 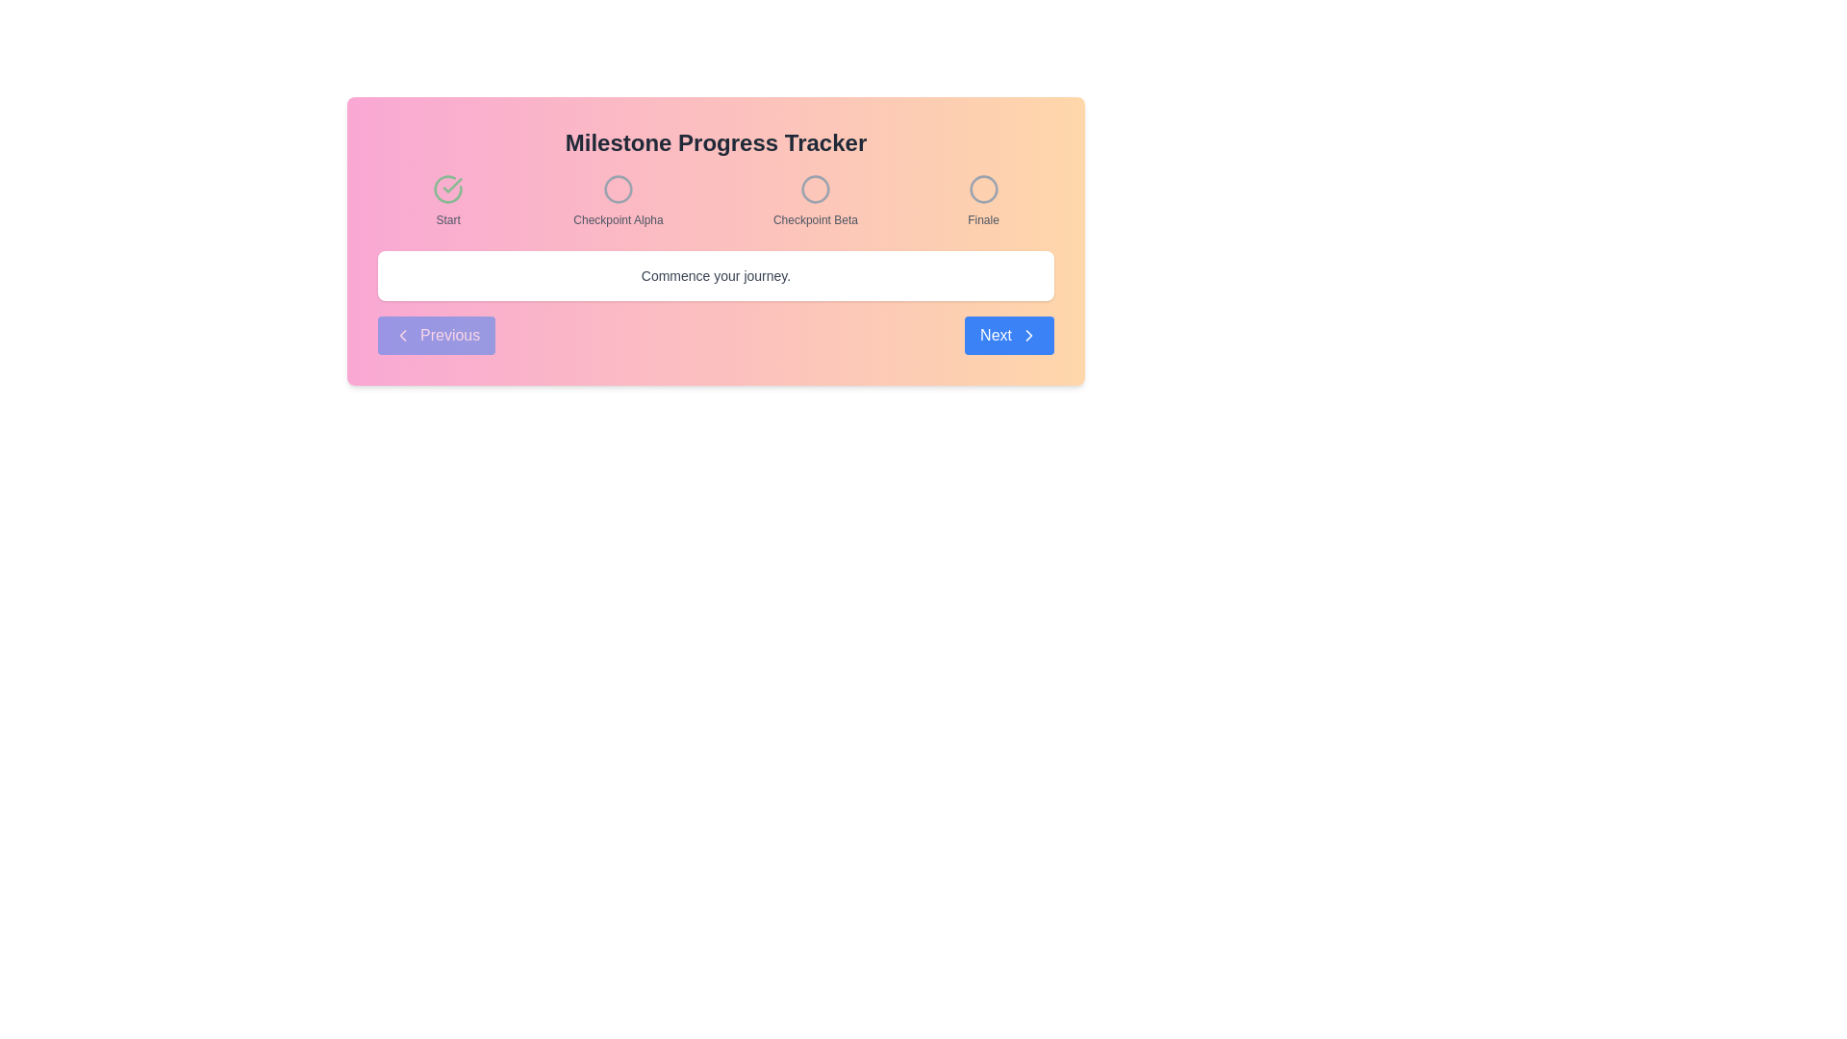 I want to click on the animation of the completion icon representing the 'Start' milestone, which is the first item in the milestone series displayed above the 'Start' label, so click(x=447, y=189).